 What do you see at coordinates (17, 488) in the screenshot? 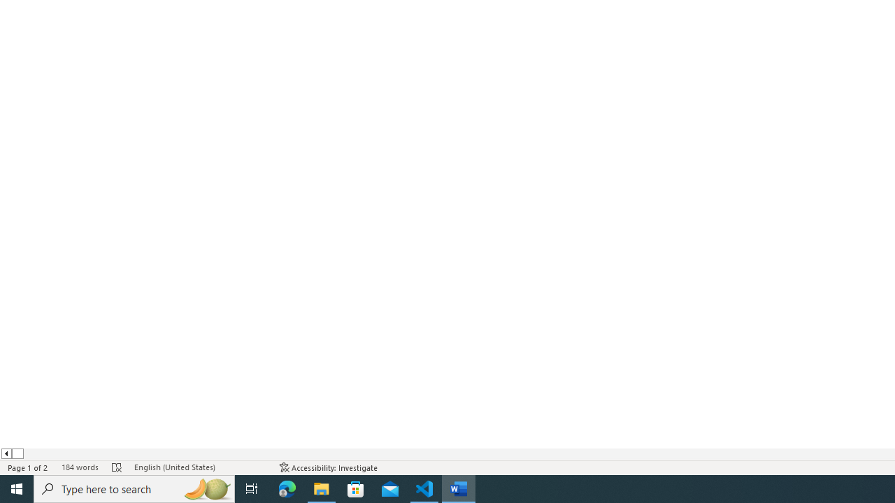
I see `'Start'` at bounding box center [17, 488].